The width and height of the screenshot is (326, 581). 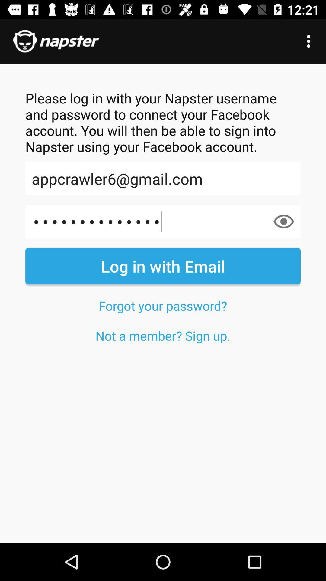 What do you see at coordinates (163, 335) in the screenshot?
I see `not a member item` at bounding box center [163, 335].